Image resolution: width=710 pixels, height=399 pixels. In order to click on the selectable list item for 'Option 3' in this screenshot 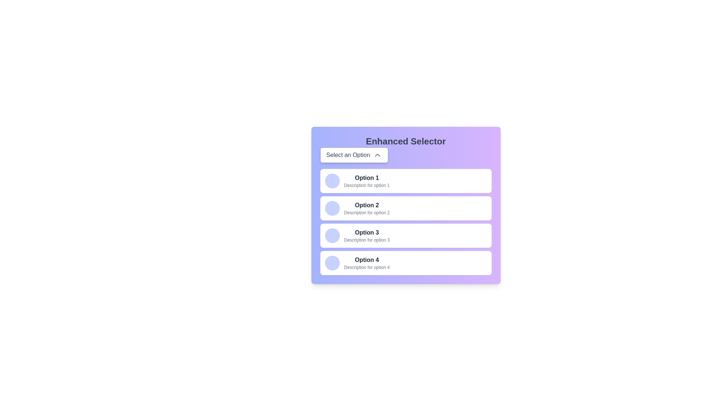, I will do `click(405, 235)`.